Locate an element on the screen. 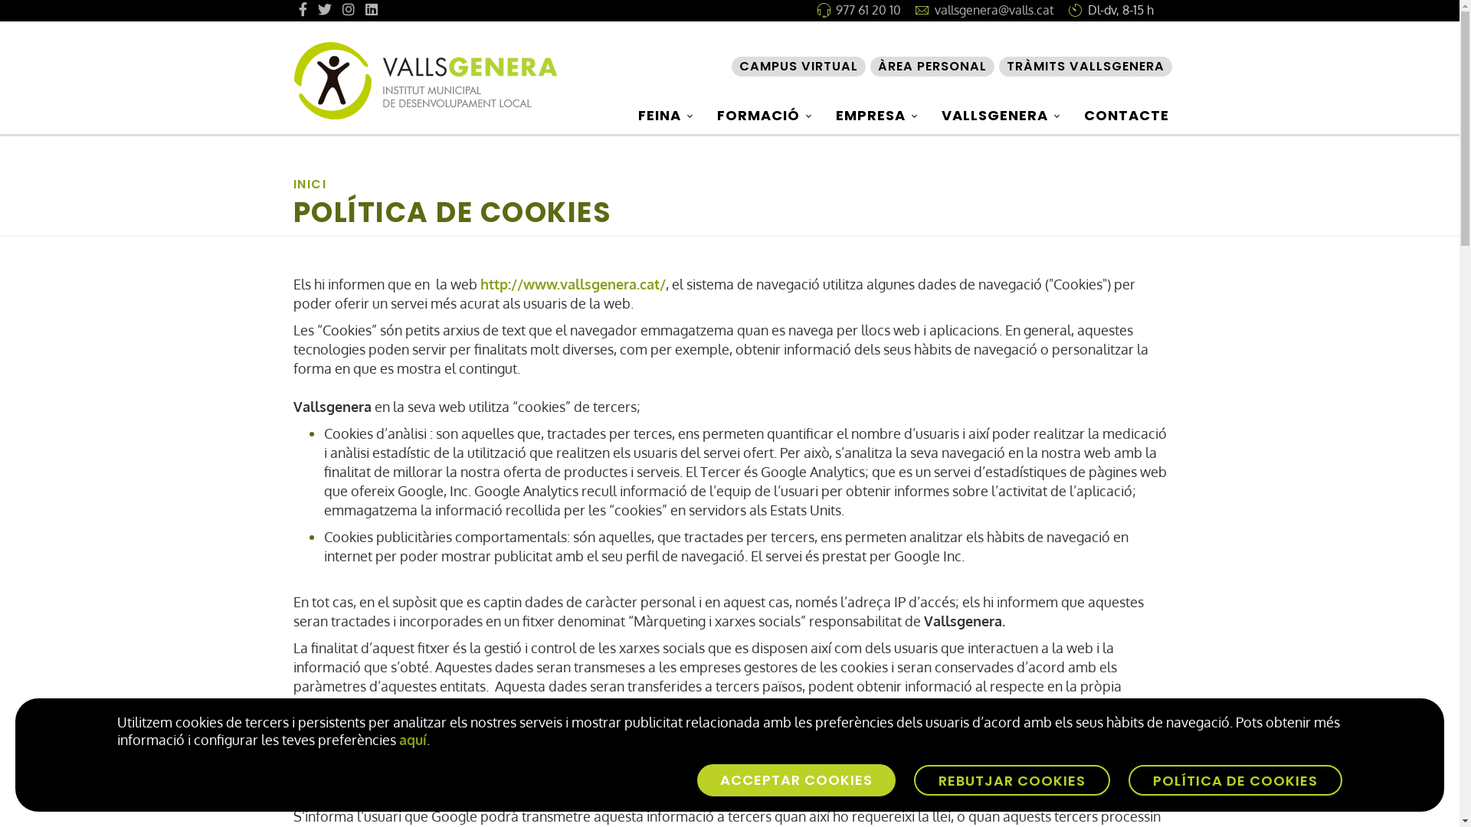  'VALLSGENERA' is located at coordinates (1003, 114).